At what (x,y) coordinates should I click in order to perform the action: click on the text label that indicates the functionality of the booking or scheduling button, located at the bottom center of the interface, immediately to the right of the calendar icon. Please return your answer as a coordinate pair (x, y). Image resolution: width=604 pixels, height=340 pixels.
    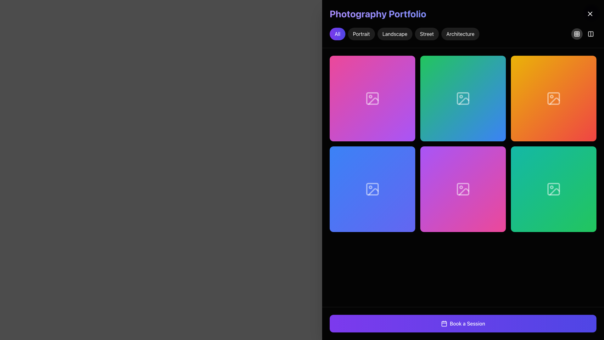
    Looking at the image, I should click on (467, 324).